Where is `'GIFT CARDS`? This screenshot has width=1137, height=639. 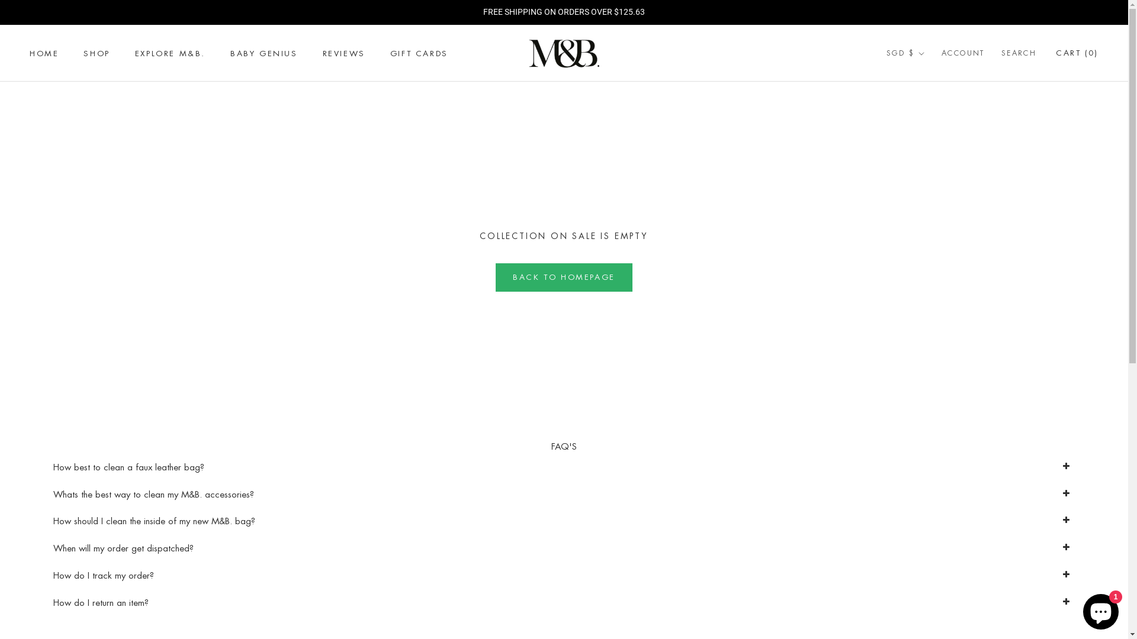 'GIFT CARDS is located at coordinates (419, 53).